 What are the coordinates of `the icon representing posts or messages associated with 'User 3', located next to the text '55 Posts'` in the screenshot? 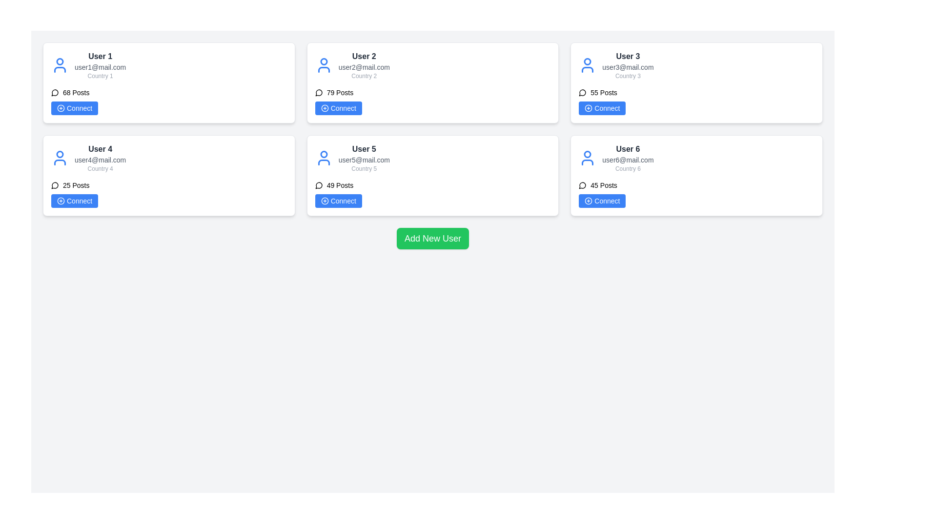 It's located at (583, 92).